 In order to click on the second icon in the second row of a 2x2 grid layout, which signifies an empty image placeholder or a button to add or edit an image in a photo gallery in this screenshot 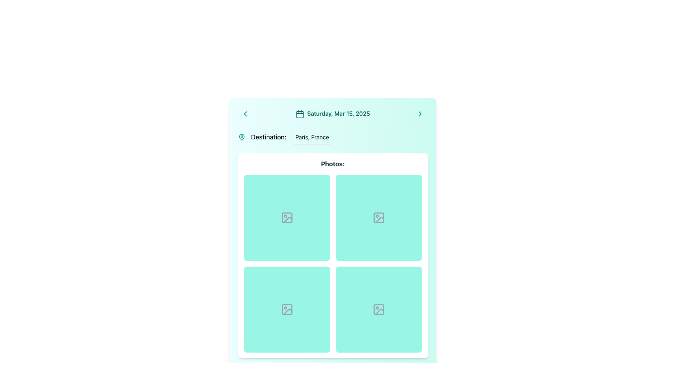, I will do `click(286, 309)`.